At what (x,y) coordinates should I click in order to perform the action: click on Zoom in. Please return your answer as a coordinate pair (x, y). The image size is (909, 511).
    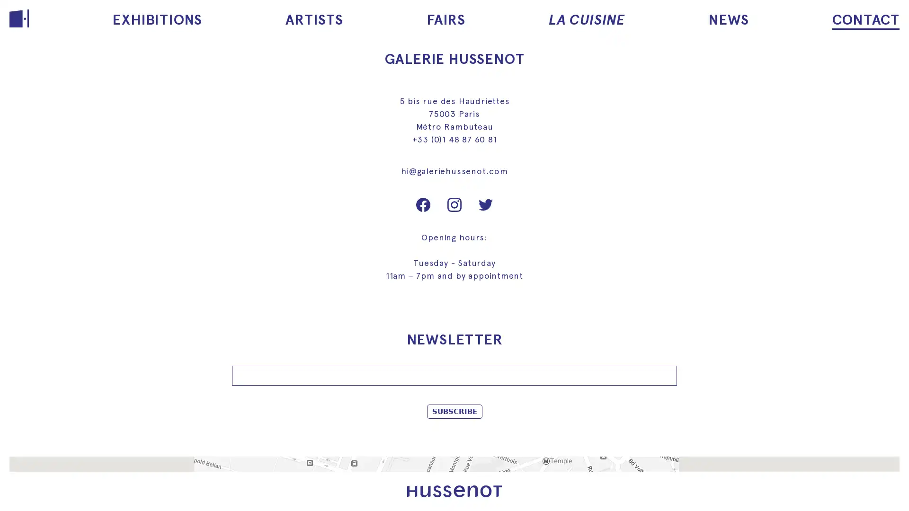
    Looking at the image, I should click on (23, 470).